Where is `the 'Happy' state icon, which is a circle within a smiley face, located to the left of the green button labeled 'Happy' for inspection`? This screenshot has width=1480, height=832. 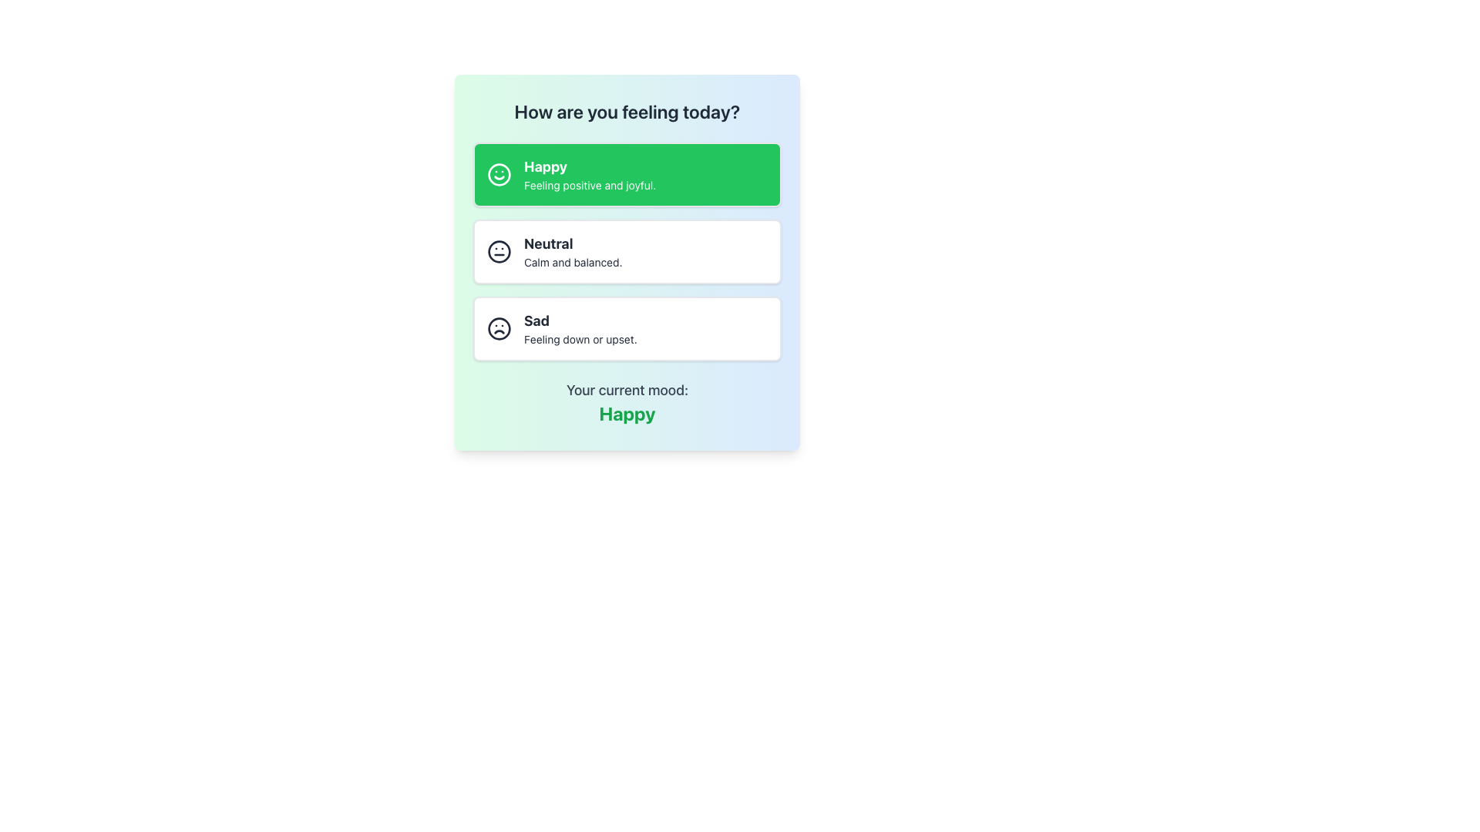
the 'Happy' state icon, which is a circle within a smiley face, located to the left of the green button labeled 'Happy' for inspection is located at coordinates (499, 174).